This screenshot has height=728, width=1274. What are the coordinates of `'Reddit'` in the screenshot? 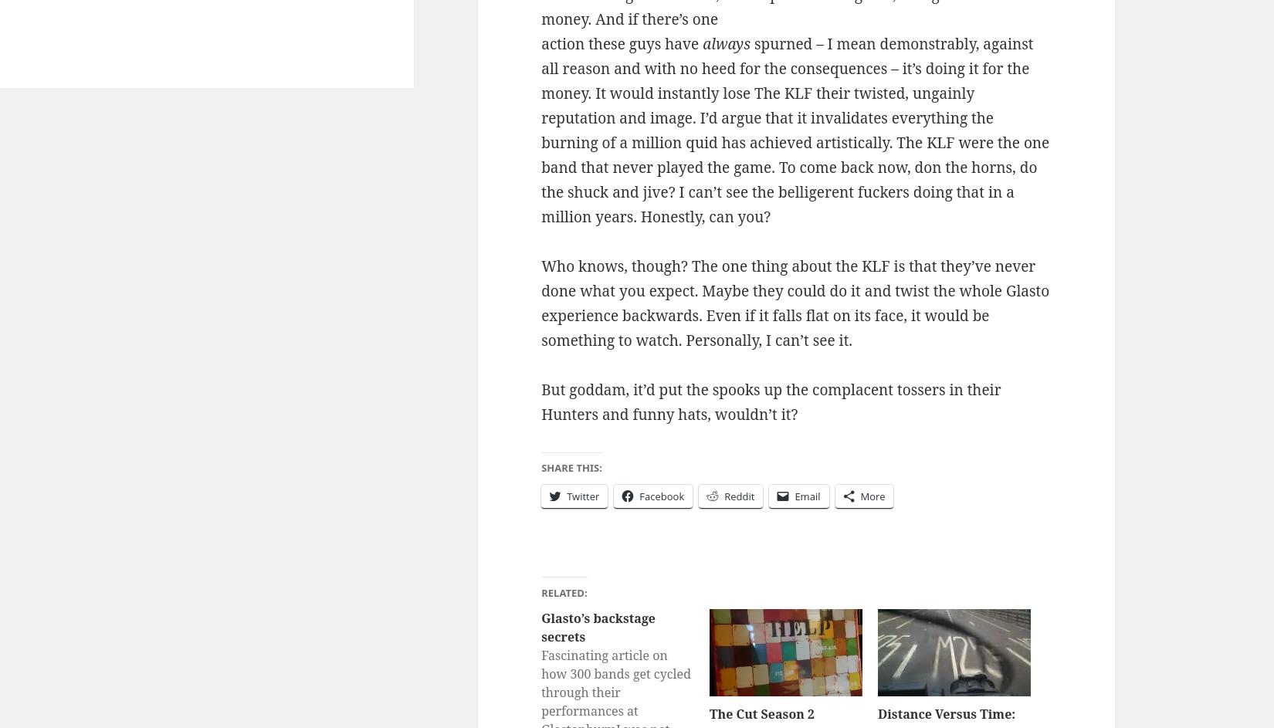 It's located at (724, 495).